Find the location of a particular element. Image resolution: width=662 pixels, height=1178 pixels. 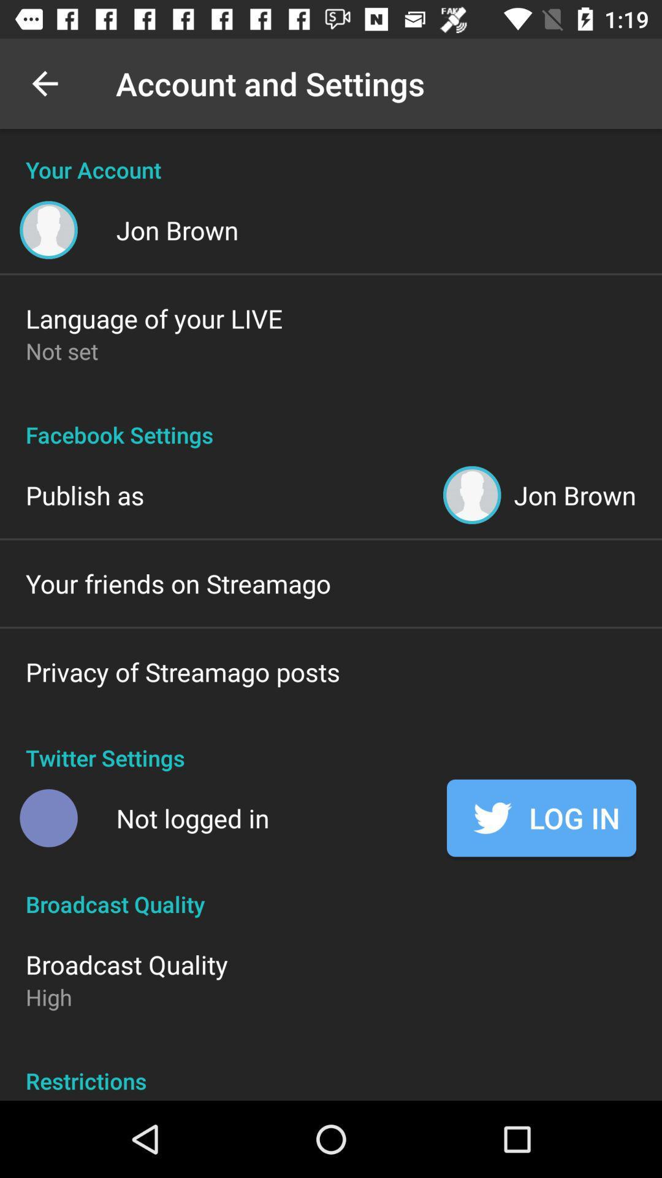

the high is located at coordinates (48, 997).